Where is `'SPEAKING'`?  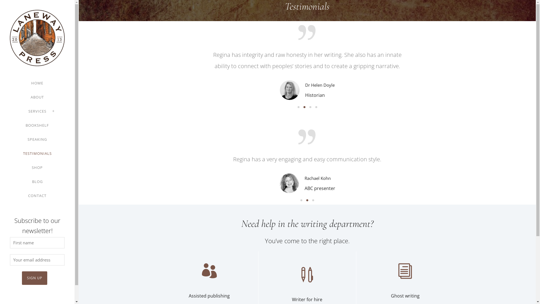 'SPEAKING' is located at coordinates (27, 139).